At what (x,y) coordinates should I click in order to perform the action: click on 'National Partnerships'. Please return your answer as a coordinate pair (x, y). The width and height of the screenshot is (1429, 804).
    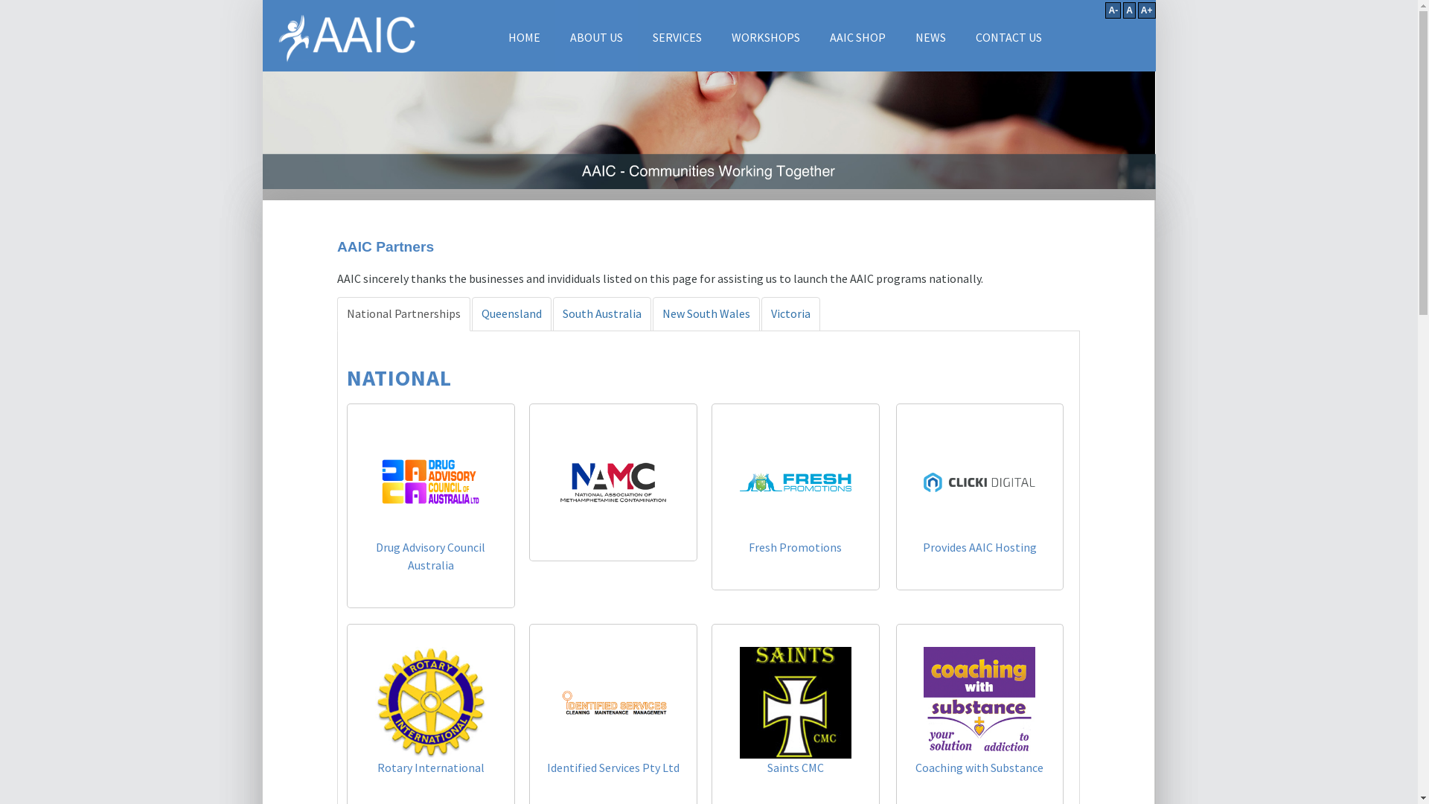
    Looking at the image, I should click on (403, 313).